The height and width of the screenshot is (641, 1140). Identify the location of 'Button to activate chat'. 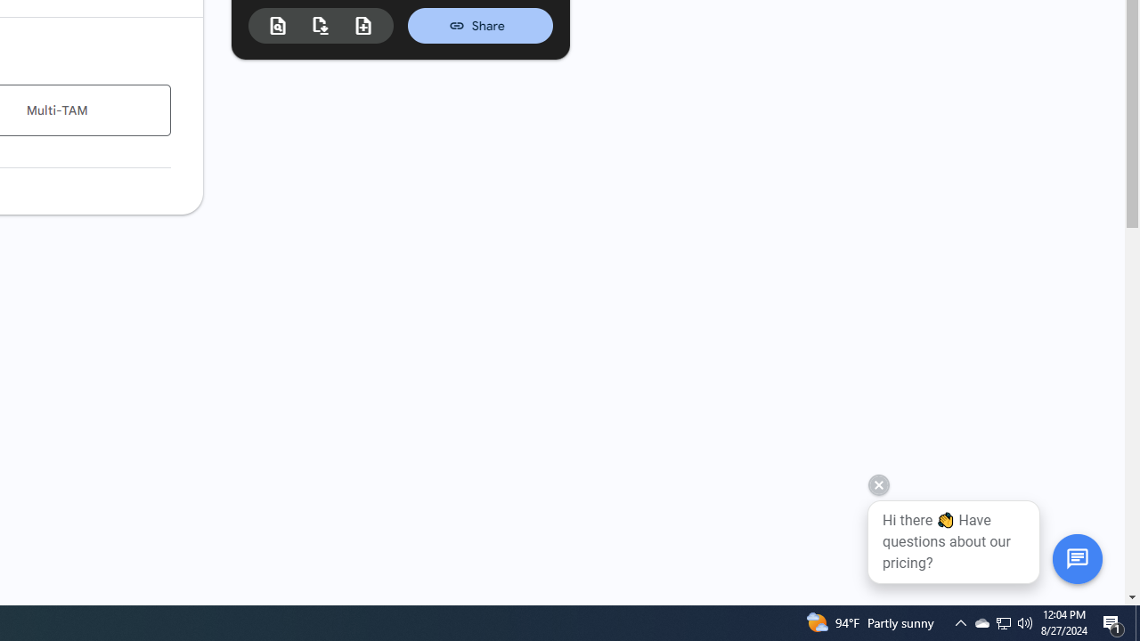
(1076, 557).